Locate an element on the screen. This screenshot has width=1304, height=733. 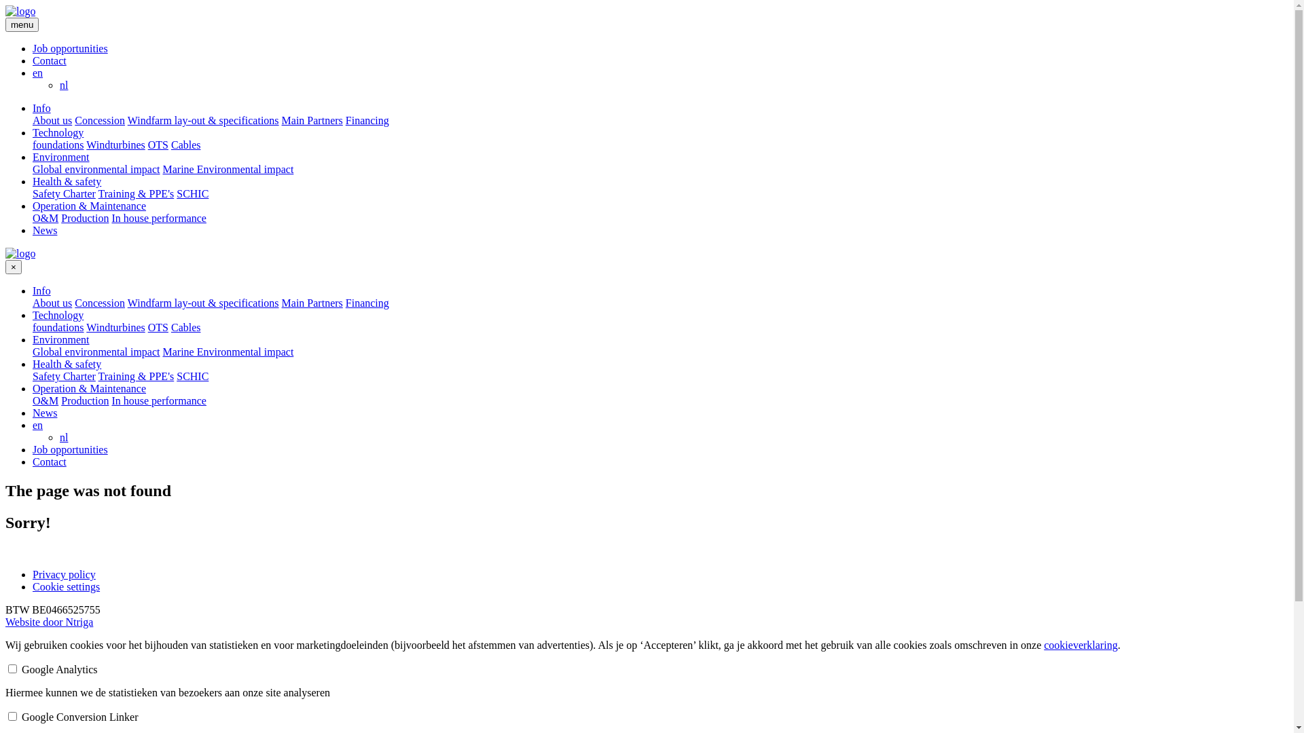
'nl' is located at coordinates (63, 85).